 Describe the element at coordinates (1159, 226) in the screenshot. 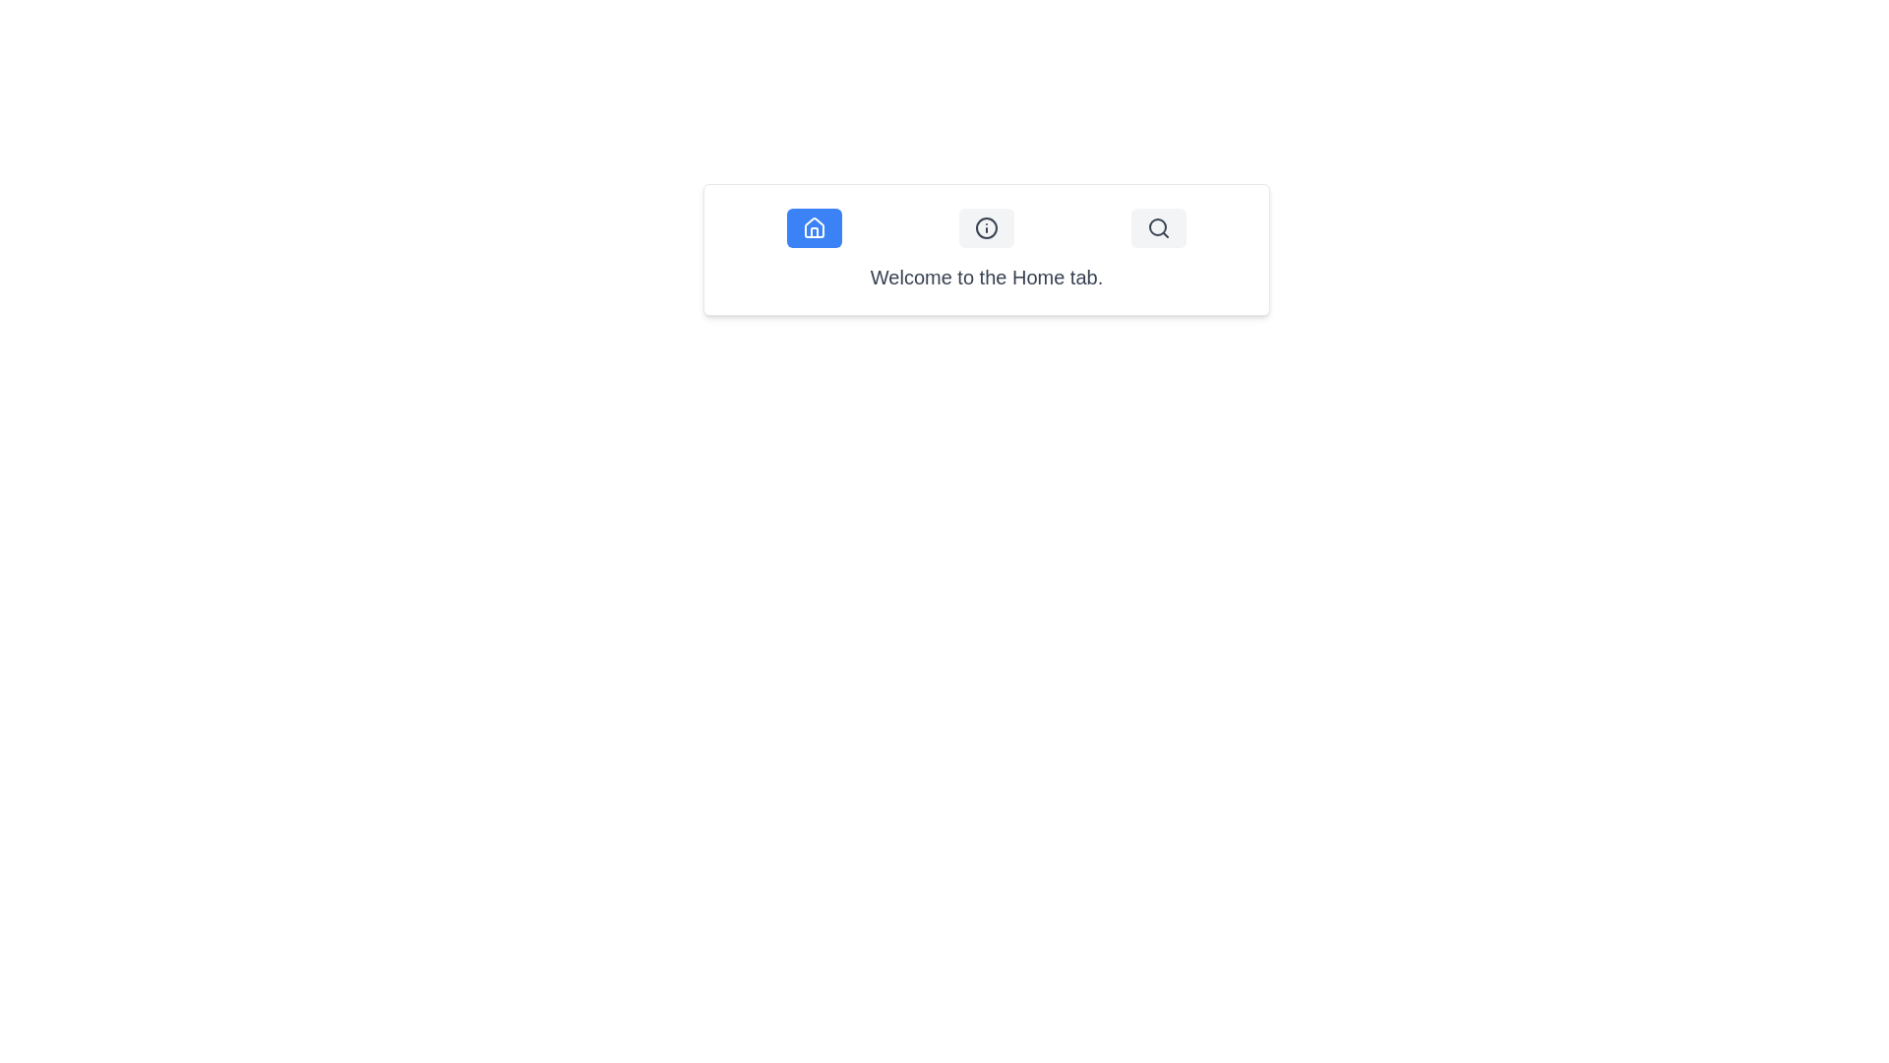

I see `the search button, which is the third button in a horizontal layout of three buttons` at that location.